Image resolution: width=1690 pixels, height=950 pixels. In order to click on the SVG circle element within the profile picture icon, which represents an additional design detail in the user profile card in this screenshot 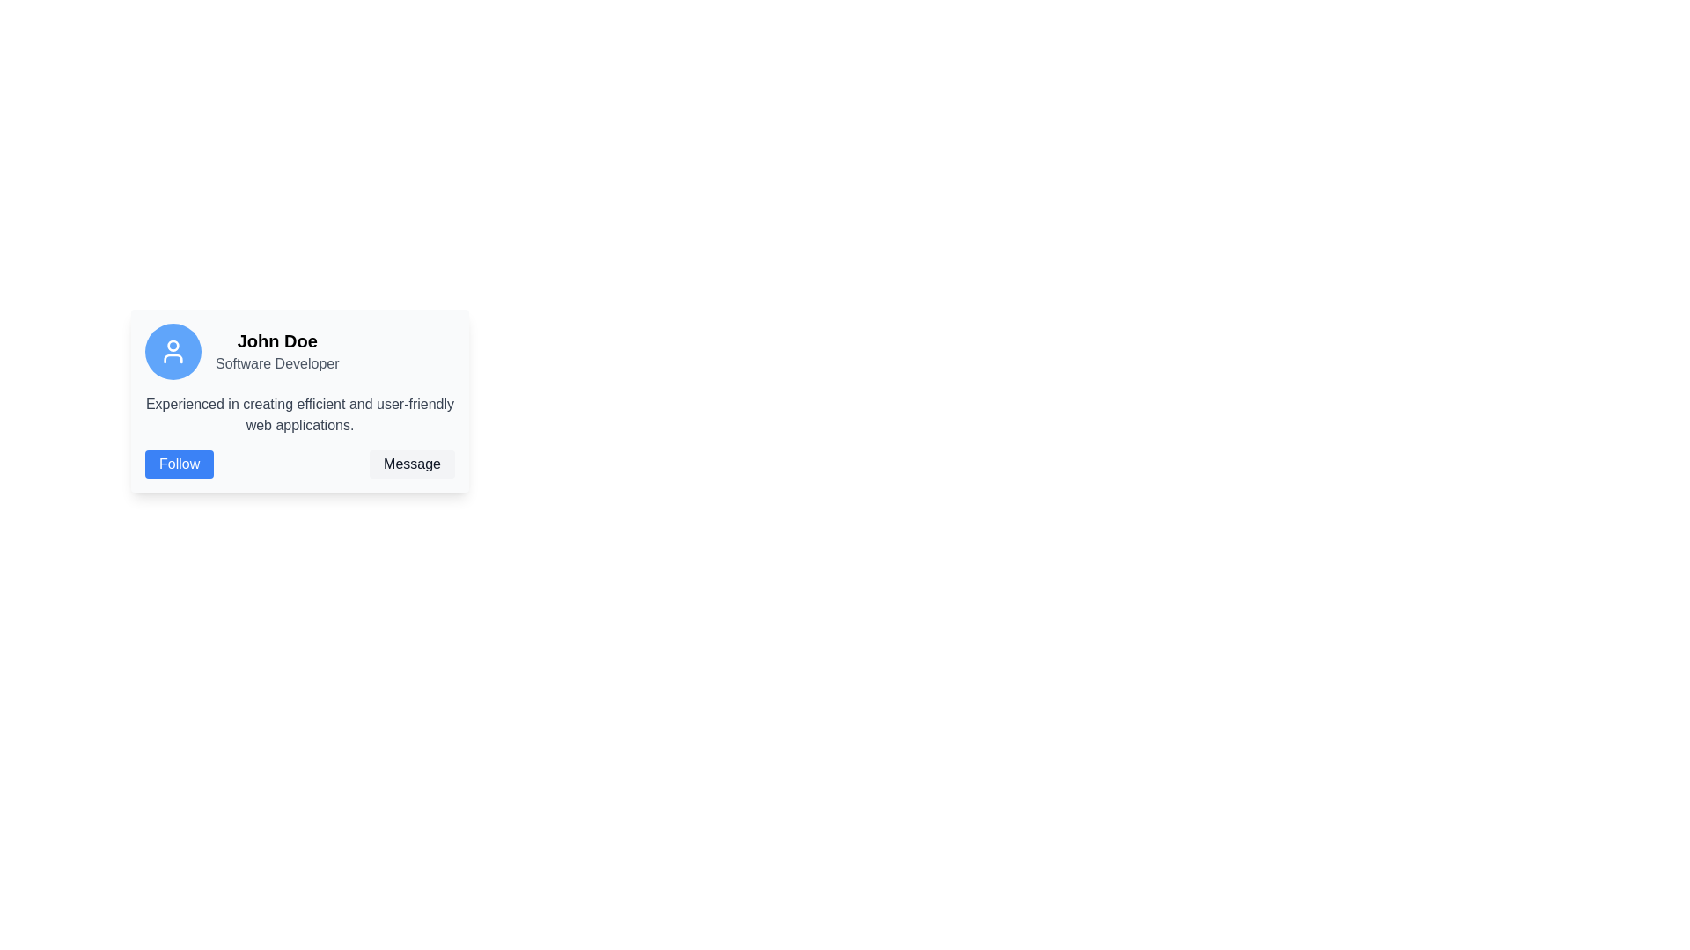, I will do `click(173, 346)`.